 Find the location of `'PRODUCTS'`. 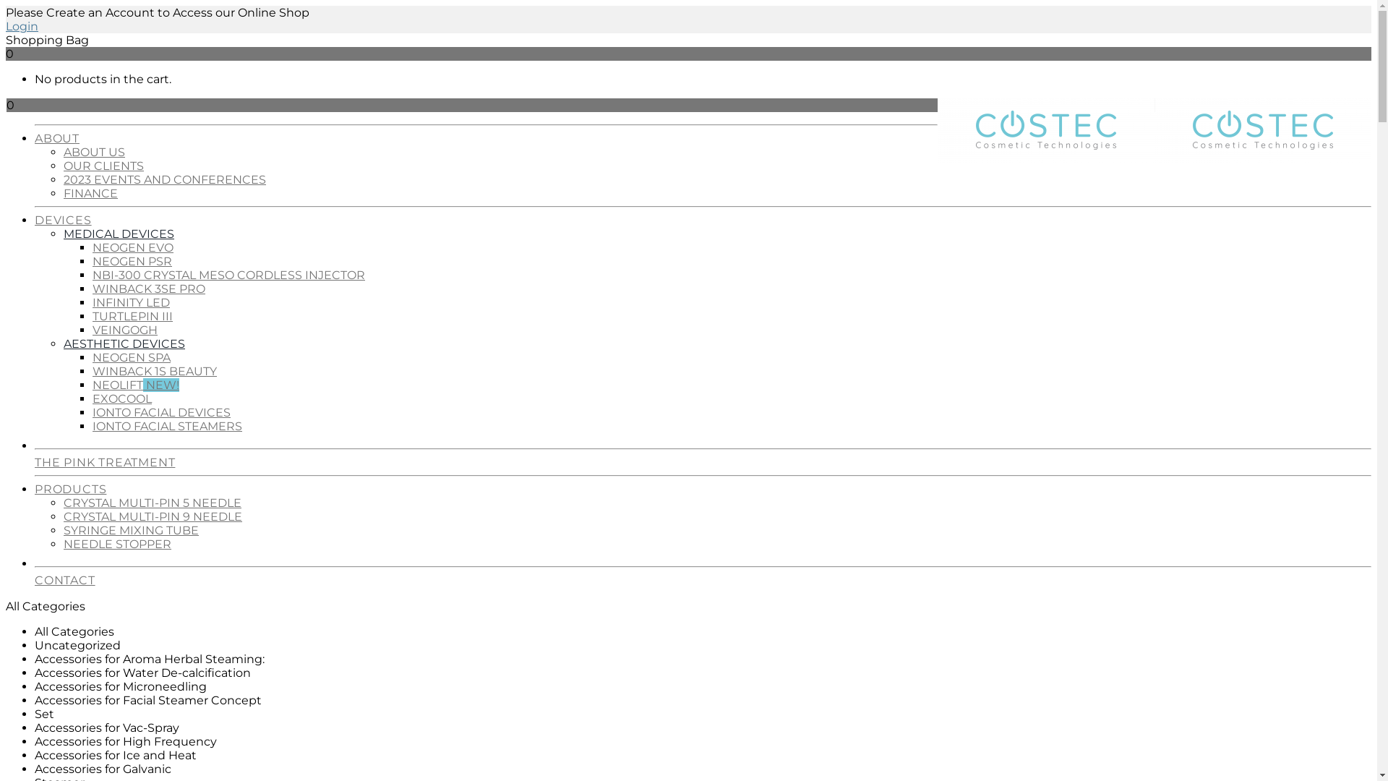

'PRODUCTS' is located at coordinates (35, 485).